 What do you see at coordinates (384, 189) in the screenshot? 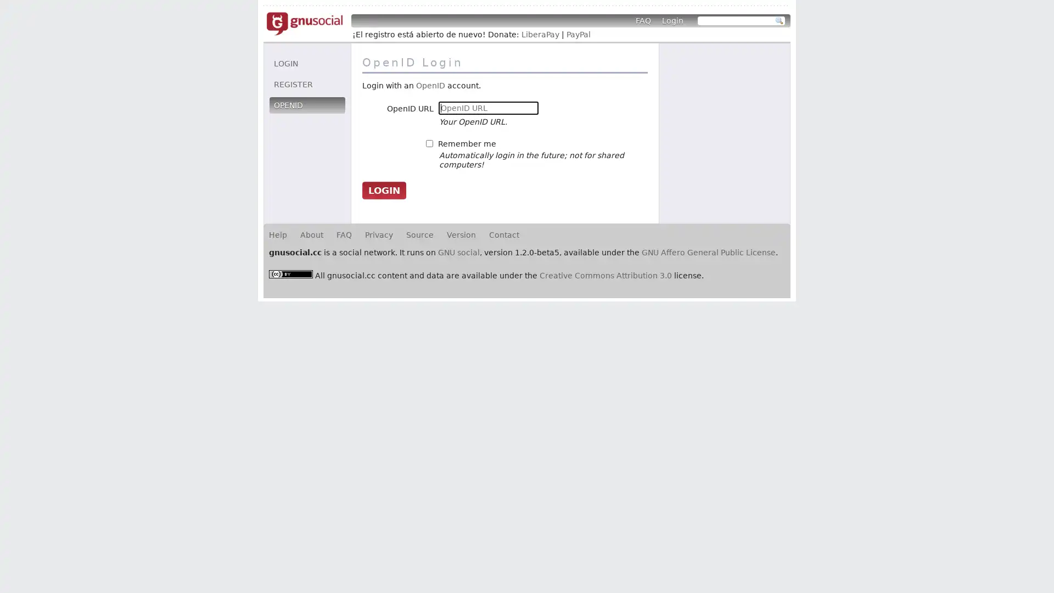
I see `Login` at bounding box center [384, 189].